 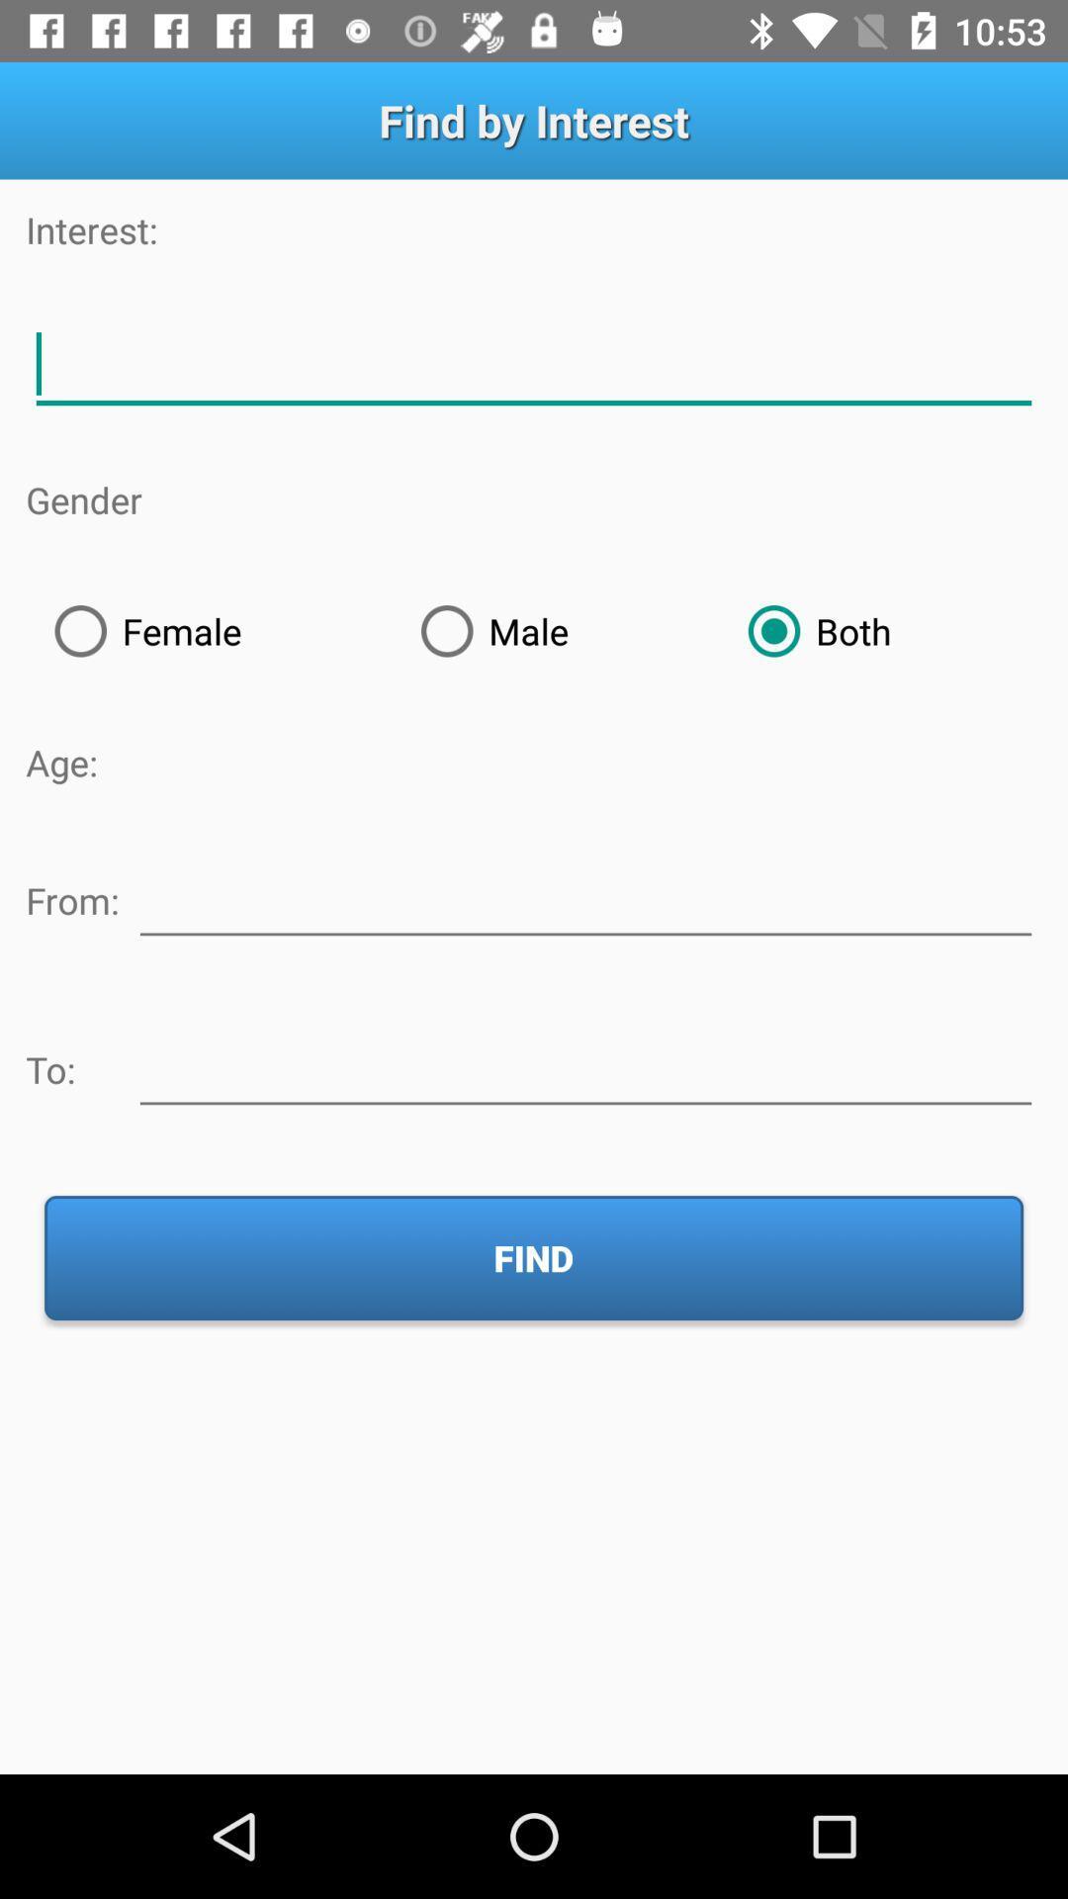 What do you see at coordinates (584, 1065) in the screenshot?
I see `input name to send to` at bounding box center [584, 1065].